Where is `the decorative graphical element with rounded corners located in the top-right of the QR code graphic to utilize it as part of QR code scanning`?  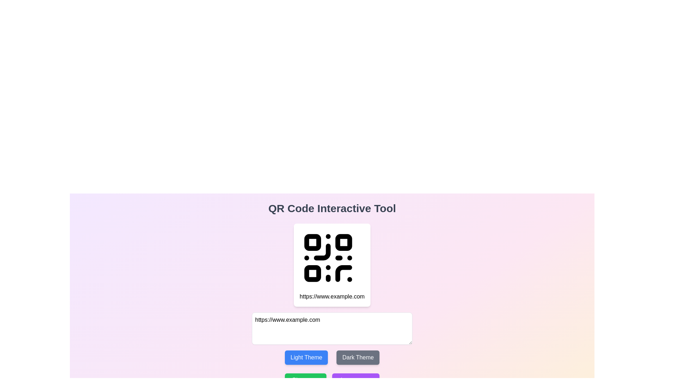 the decorative graphical element with rounded corners located in the top-right of the QR code graphic to utilize it as part of QR code scanning is located at coordinates (343, 242).